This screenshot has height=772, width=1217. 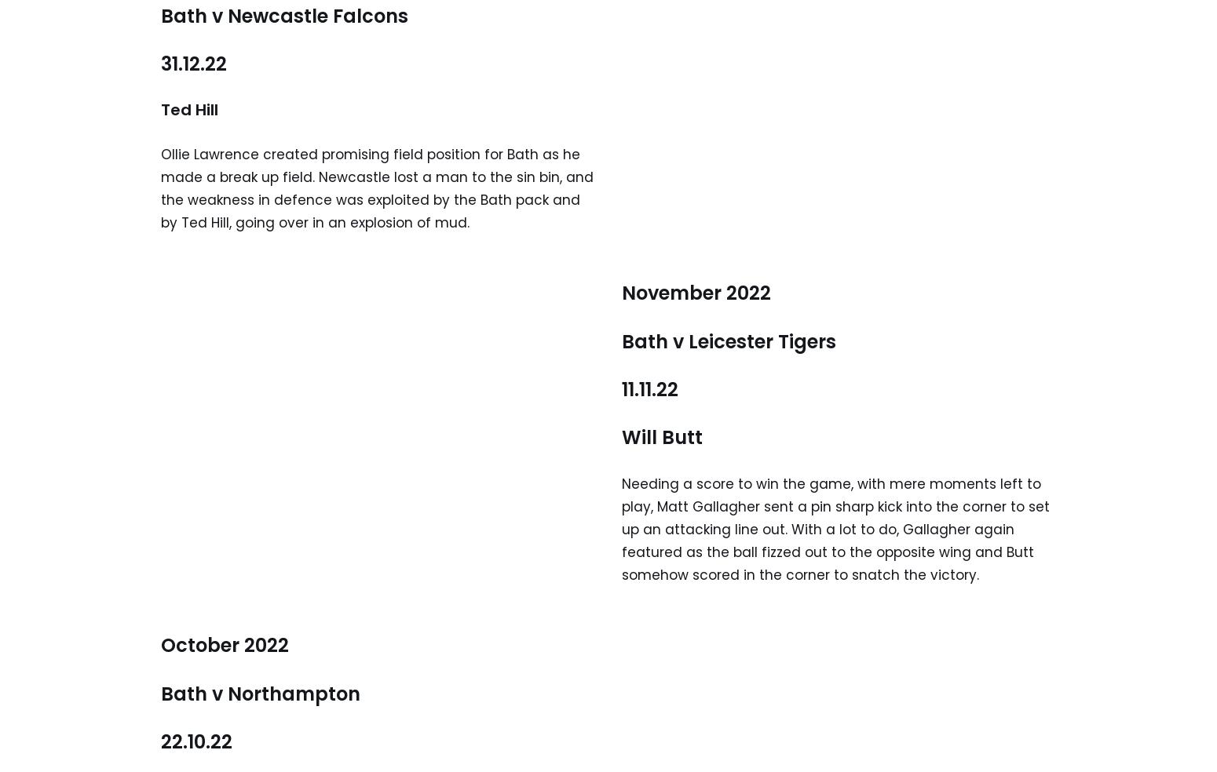 What do you see at coordinates (835, 529) in the screenshot?
I see `'Needing a score to win the game, with mere moments left to play, Matt Gallagher sent a pin sharp kick into the corner to set up an attacking line out. With a lot to do, Gallagher again featured as the ball fizzed out to the opposite wing and Butt somehow scored in the corner to snatch the victory.'` at bounding box center [835, 529].